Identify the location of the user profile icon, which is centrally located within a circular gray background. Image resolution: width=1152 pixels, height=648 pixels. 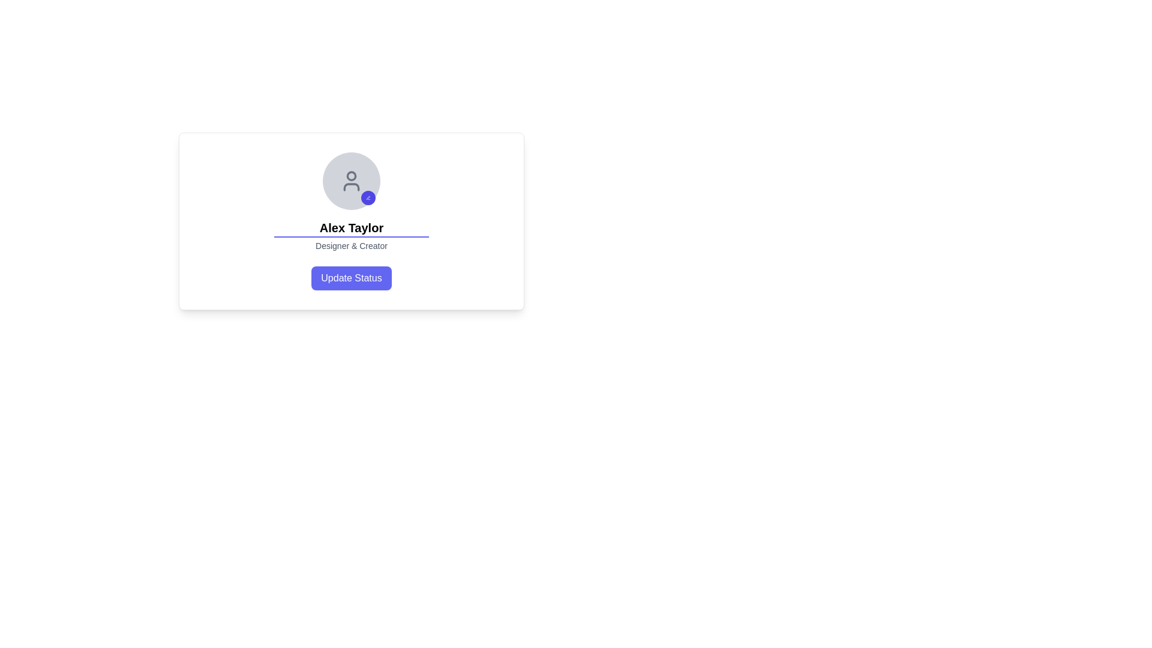
(350, 181).